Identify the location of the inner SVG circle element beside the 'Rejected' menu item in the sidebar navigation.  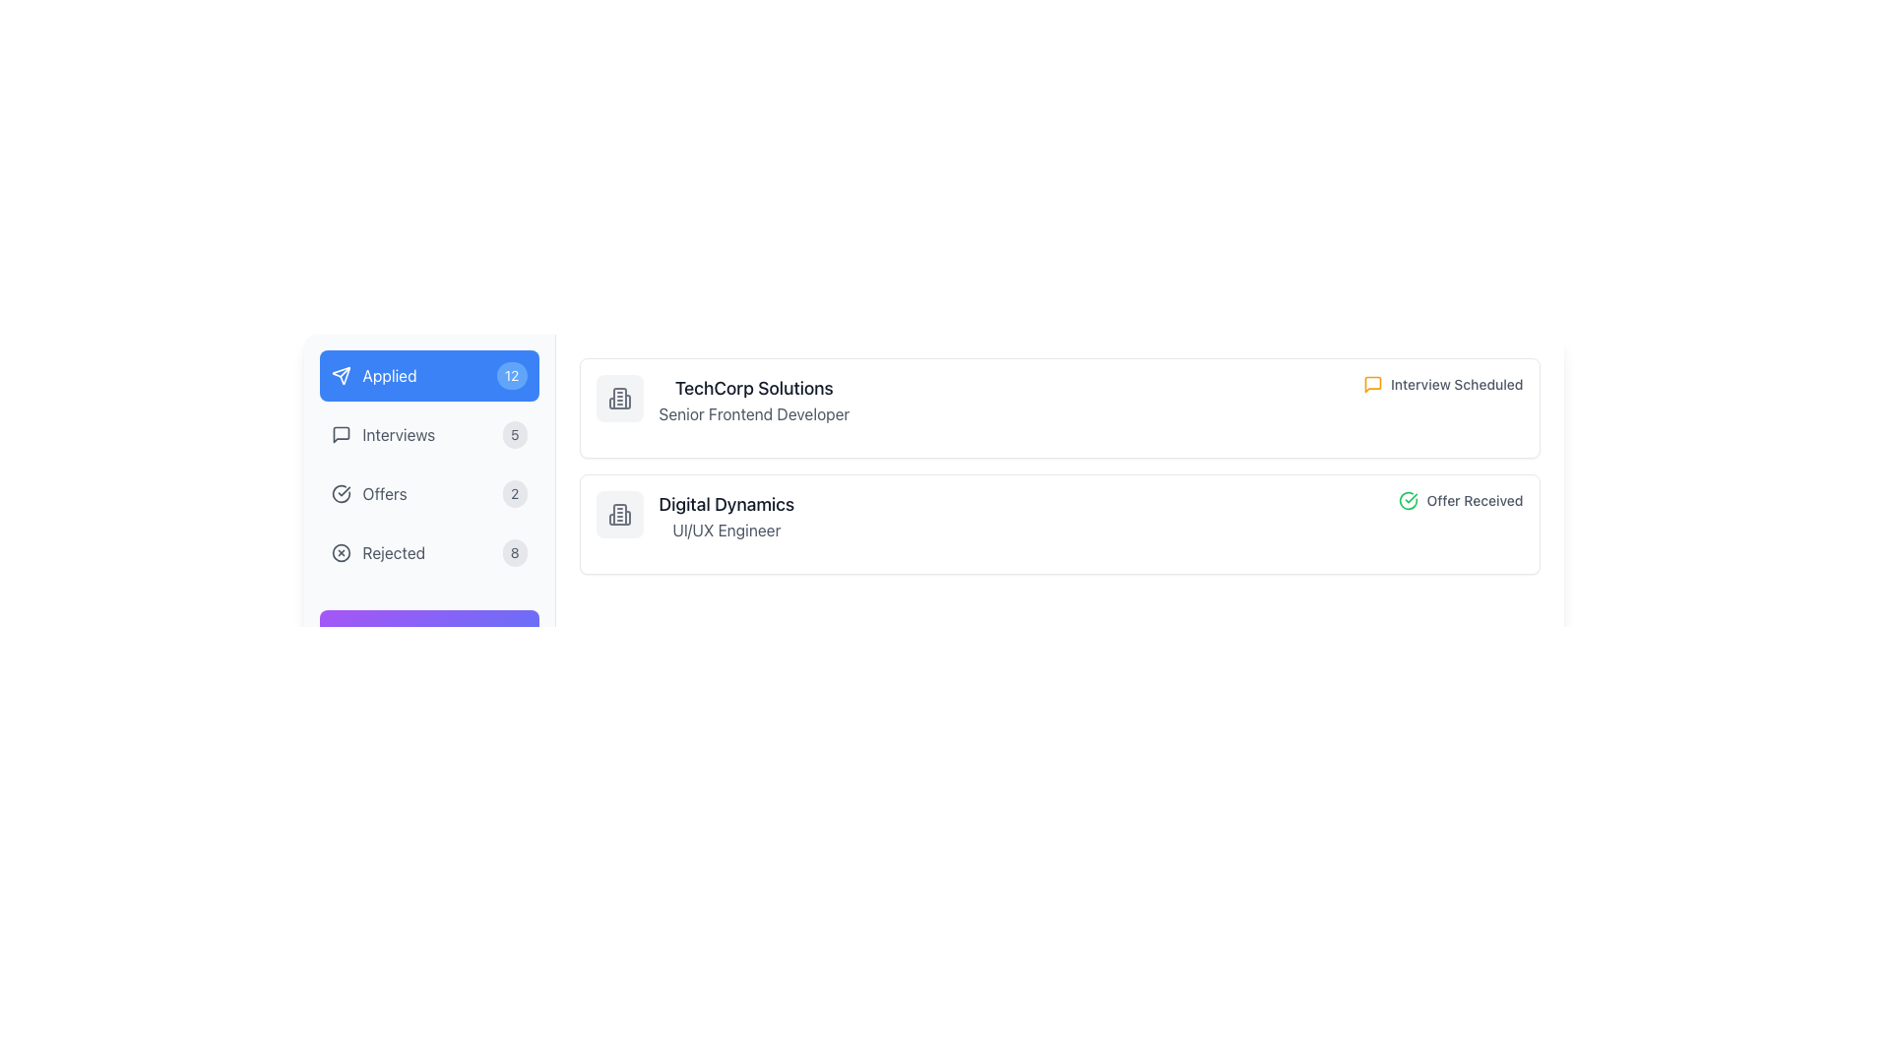
(341, 553).